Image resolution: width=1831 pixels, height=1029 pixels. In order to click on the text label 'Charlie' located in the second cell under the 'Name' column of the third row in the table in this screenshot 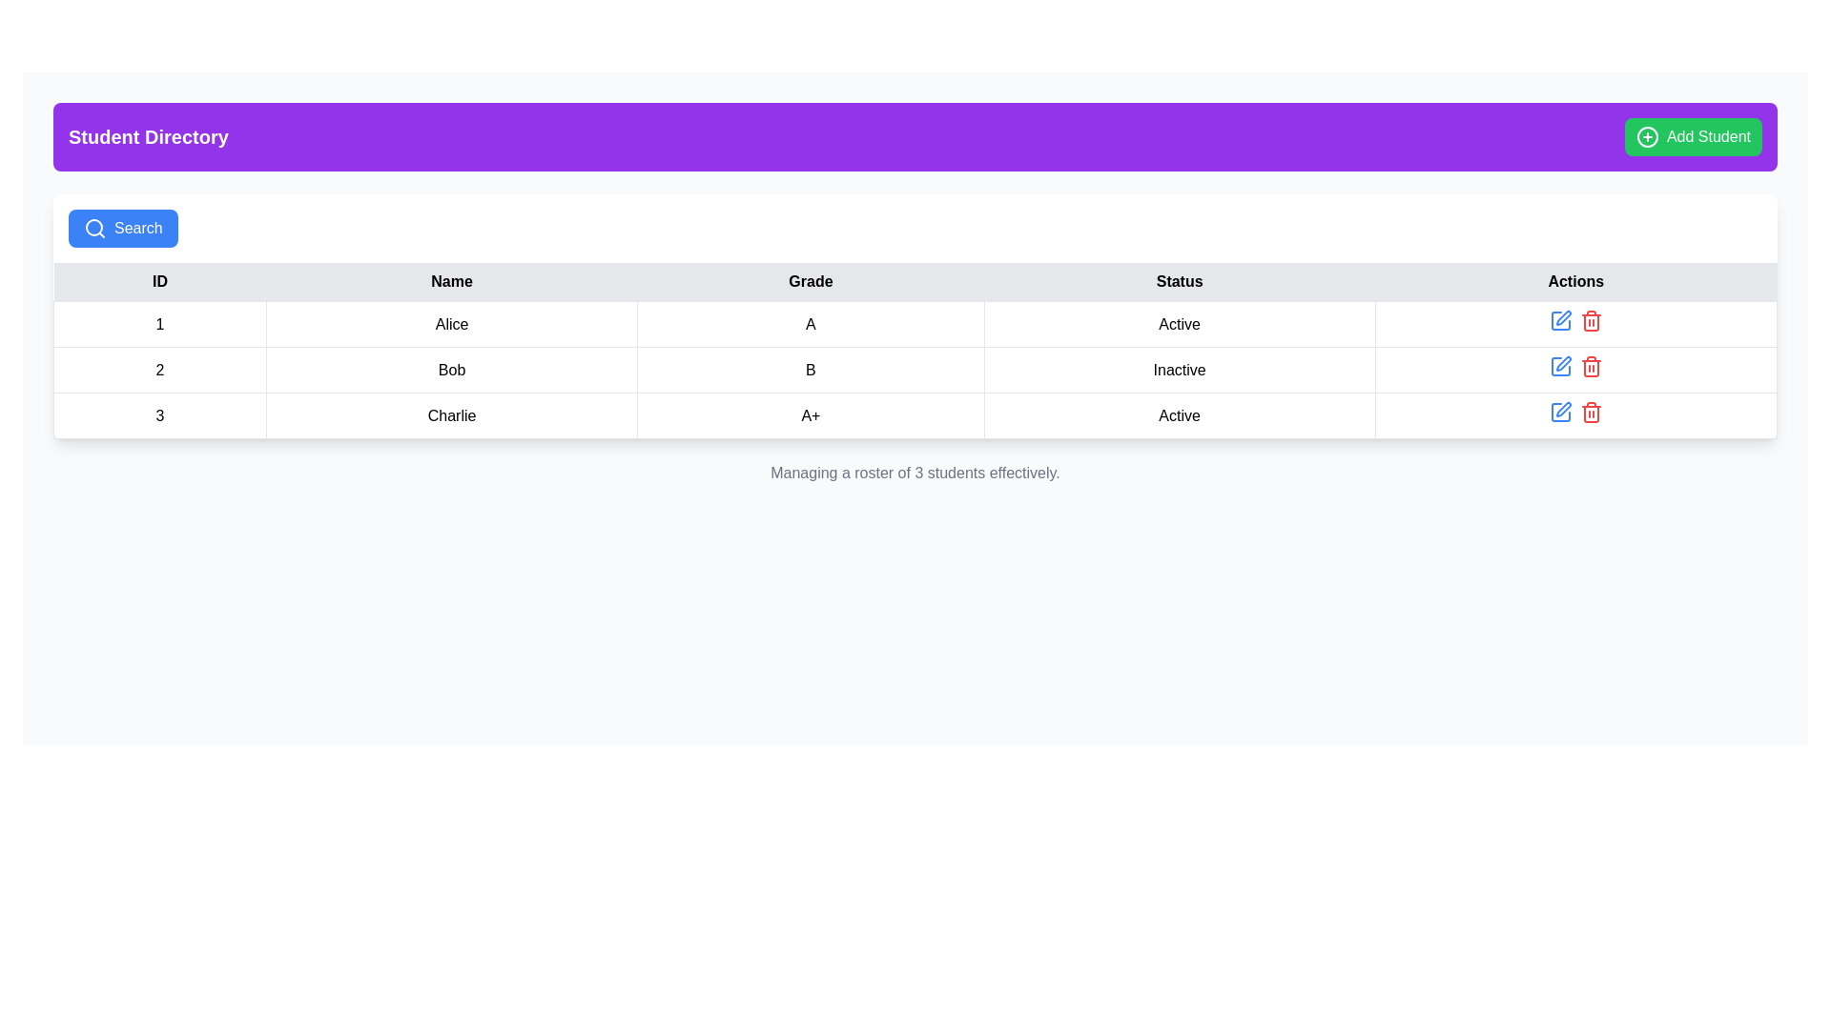, I will do `click(451, 414)`.